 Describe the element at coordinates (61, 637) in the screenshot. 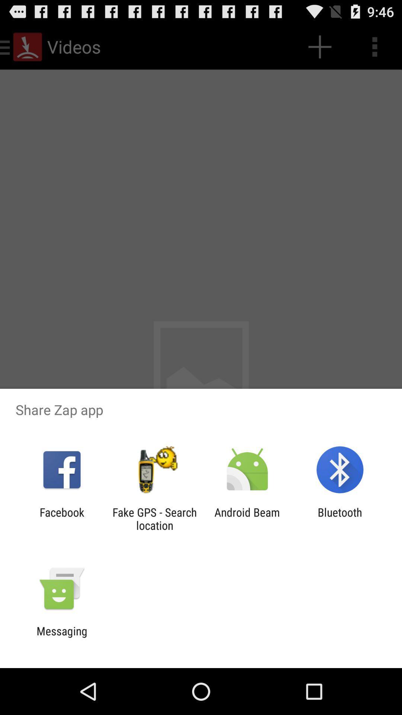

I see `the messaging icon` at that location.